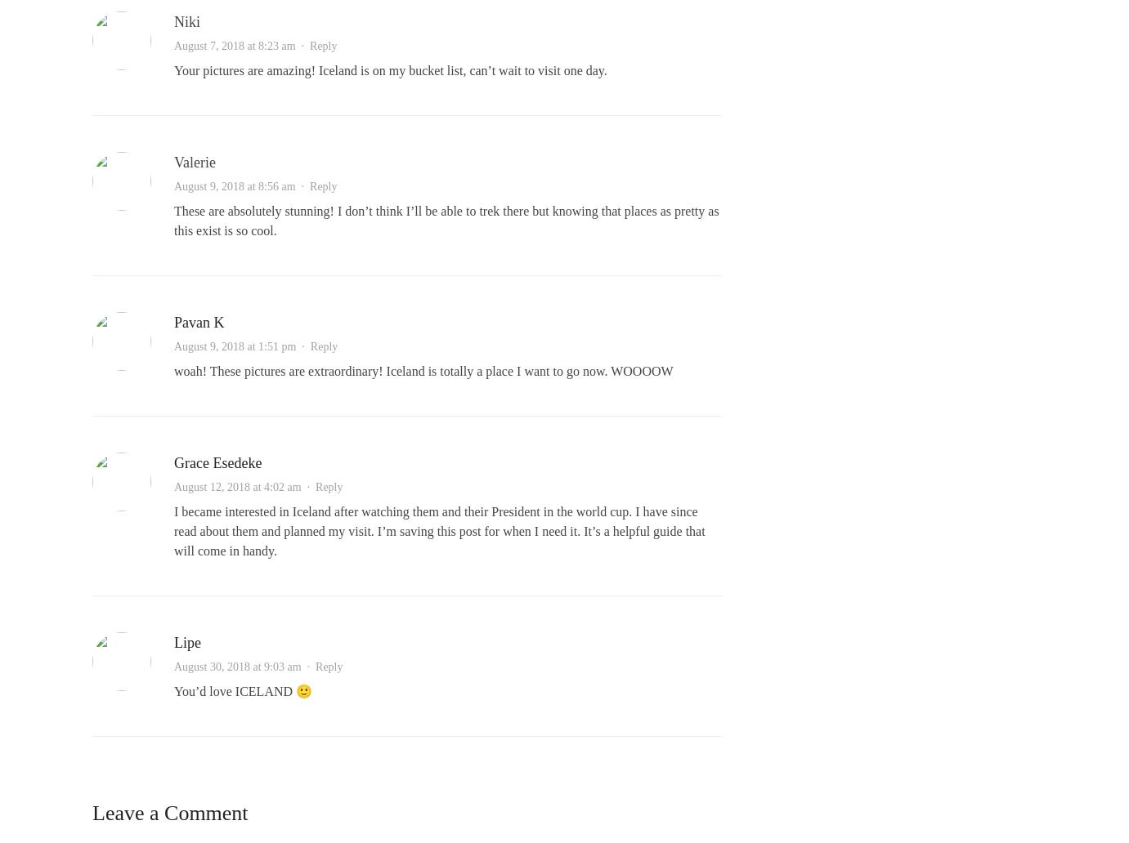  I want to click on 'These are absolutely stunning! I don’t think I’ll be able to trek there but knowing that places as pretty as this exist is so cool.', so click(446, 221).